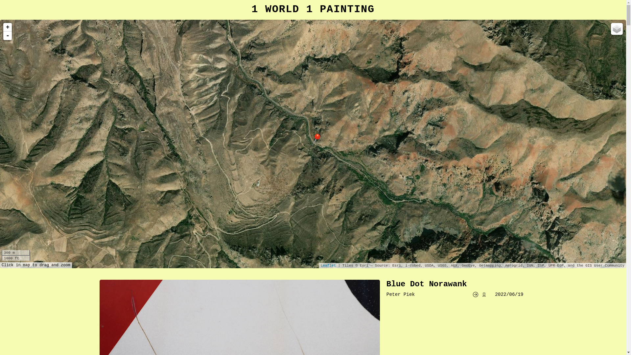  What do you see at coordinates (313, 9) in the screenshot?
I see `'1 WORLD 1 PAINTING'` at bounding box center [313, 9].